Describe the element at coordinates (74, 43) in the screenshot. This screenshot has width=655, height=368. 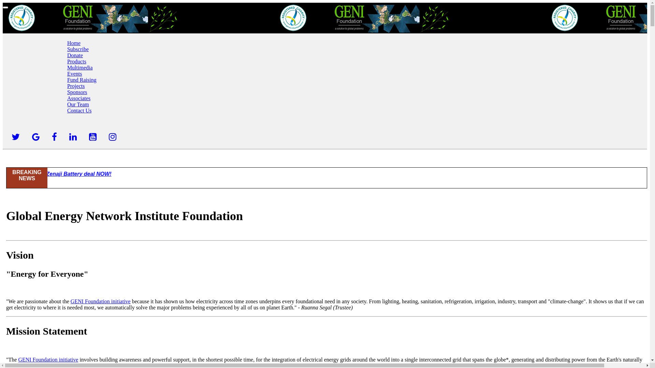
I see `'Home'` at that location.